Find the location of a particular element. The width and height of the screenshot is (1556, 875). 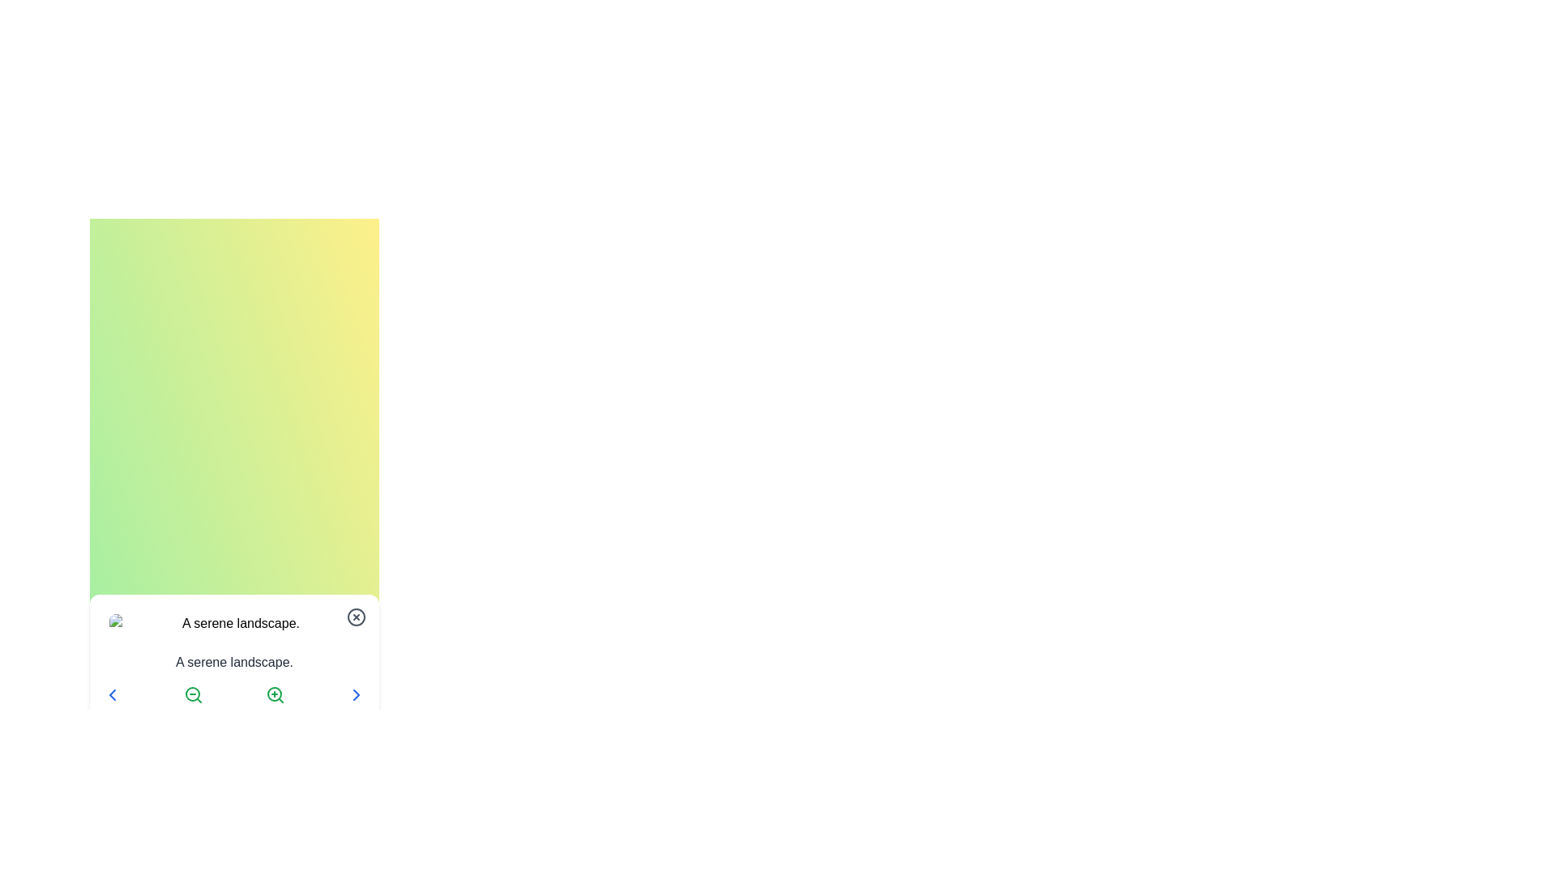

the circular green magnifying glass icon with a minus symbol, located in the bottom control panel as the second icon from the left is located at coordinates (194, 694).